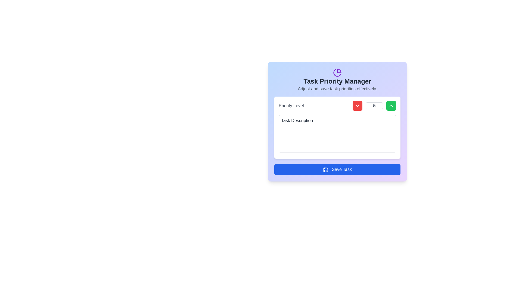 The image size is (522, 293). Describe the element at coordinates (337, 81) in the screenshot. I see `the bold-text title labeled 'Task Priority Manager', which is centered at the top-middle area of its card-like section` at that location.